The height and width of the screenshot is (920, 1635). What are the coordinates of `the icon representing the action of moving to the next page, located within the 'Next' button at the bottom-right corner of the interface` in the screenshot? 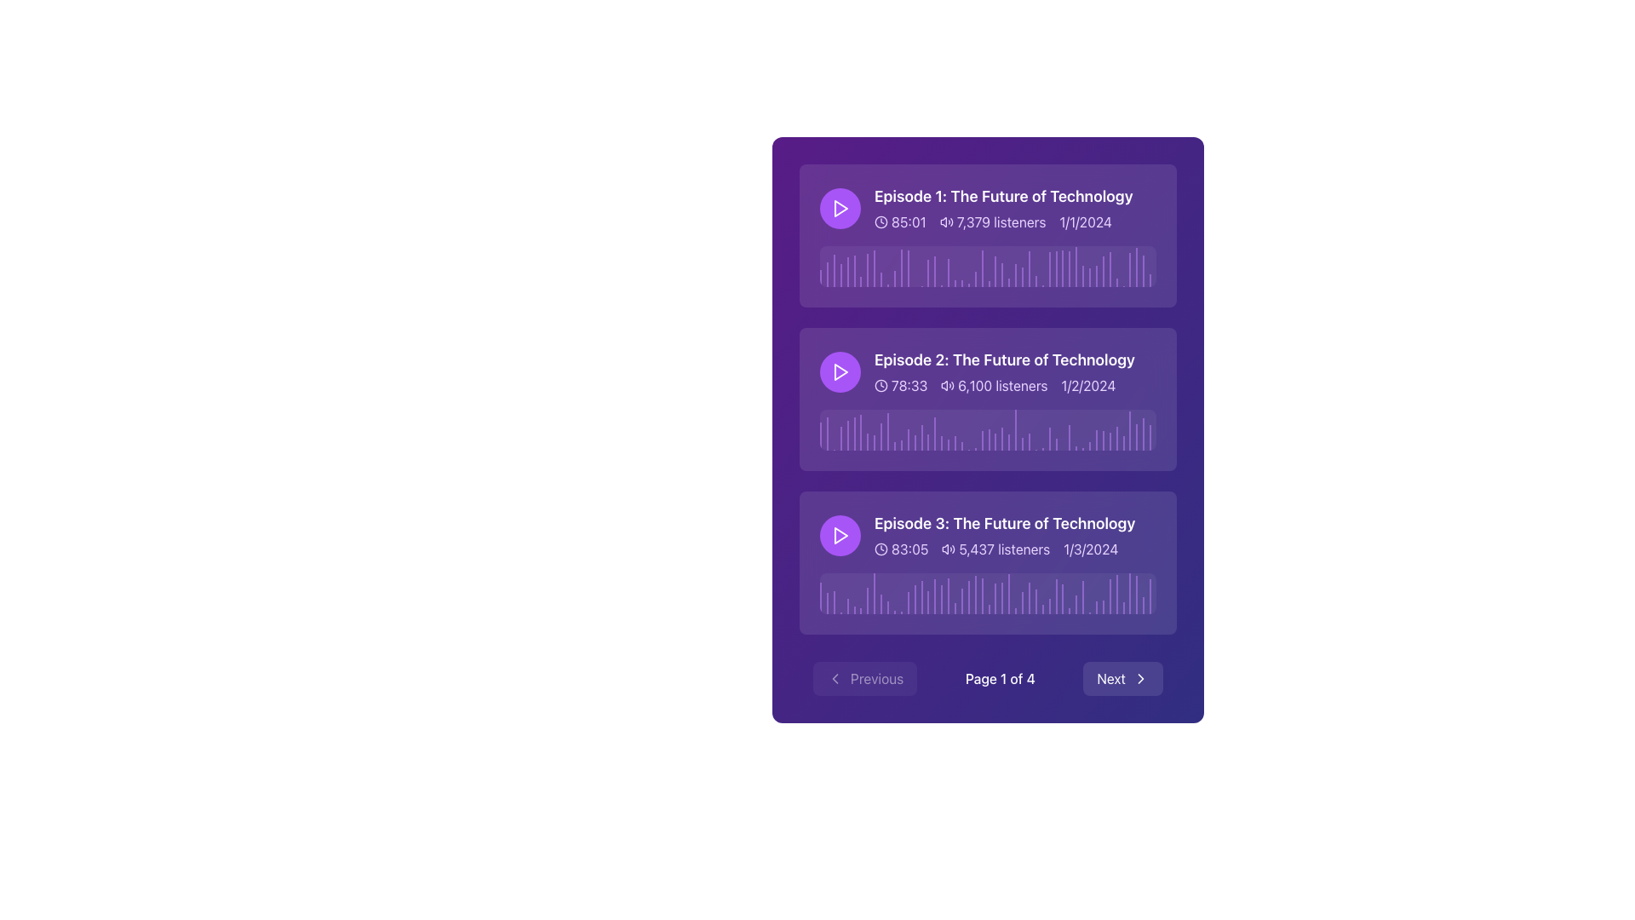 It's located at (1140, 678).